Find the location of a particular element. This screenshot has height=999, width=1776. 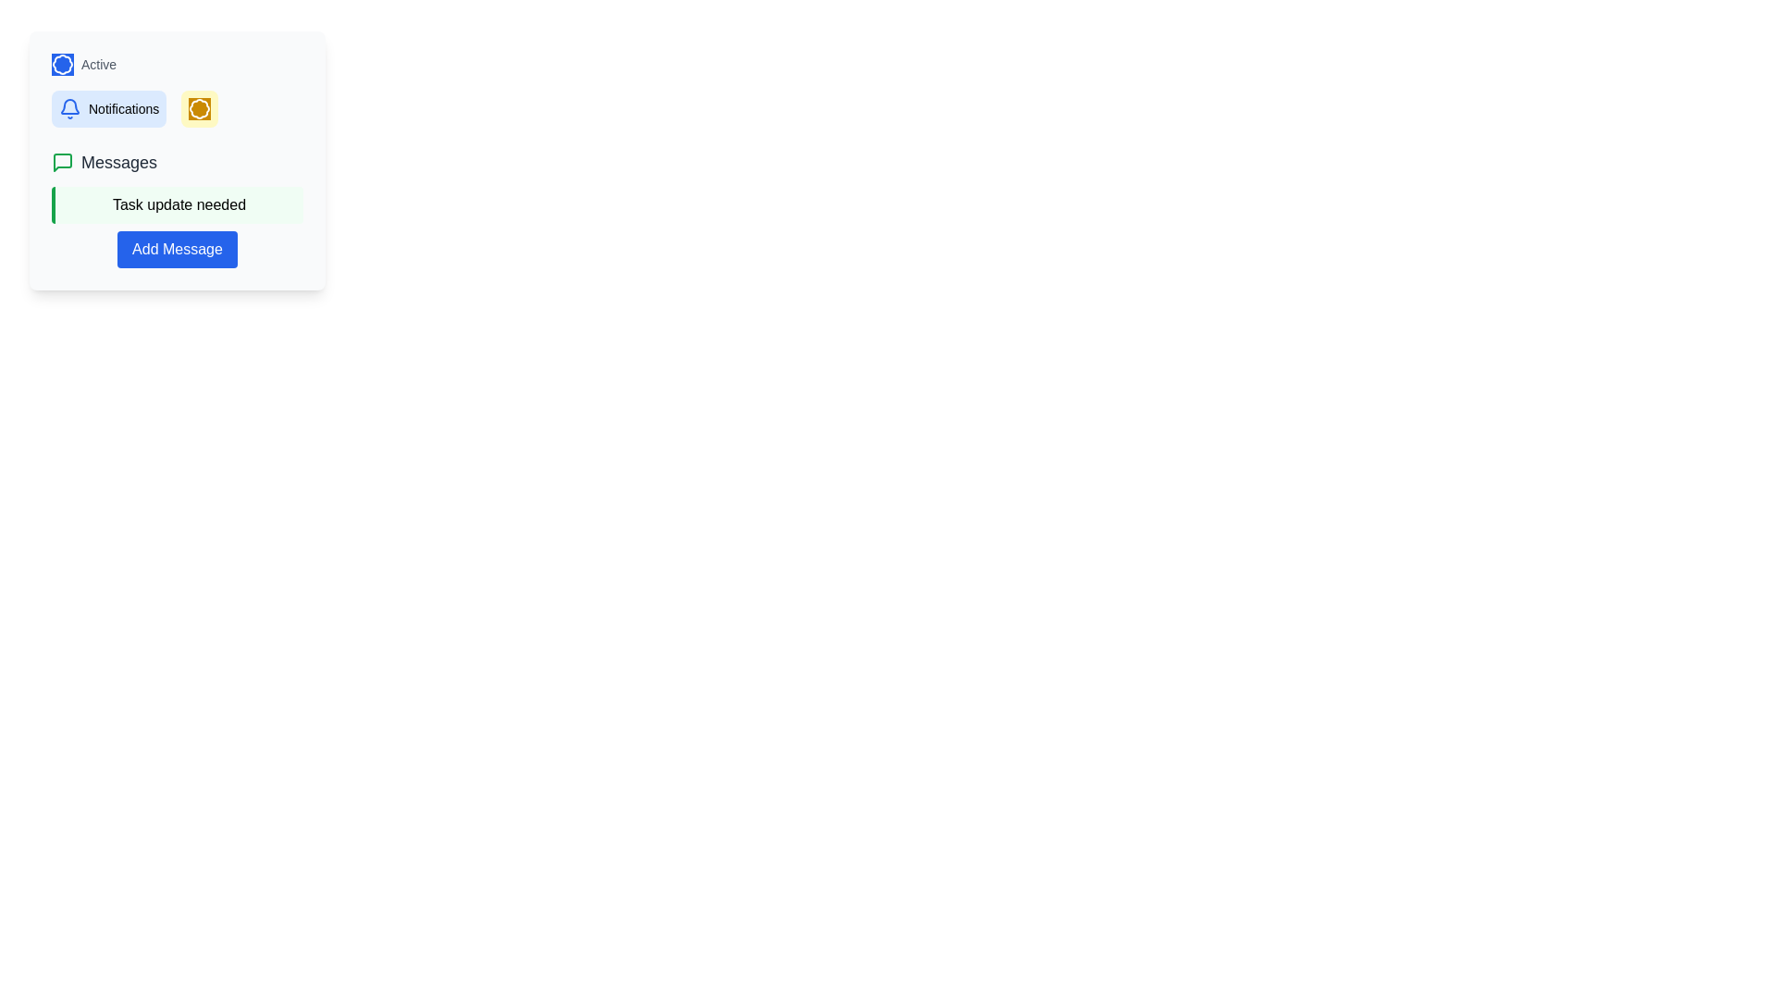

the text label that describes the notifications section, located to the right of the bell icon is located at coordinates (123, 109).